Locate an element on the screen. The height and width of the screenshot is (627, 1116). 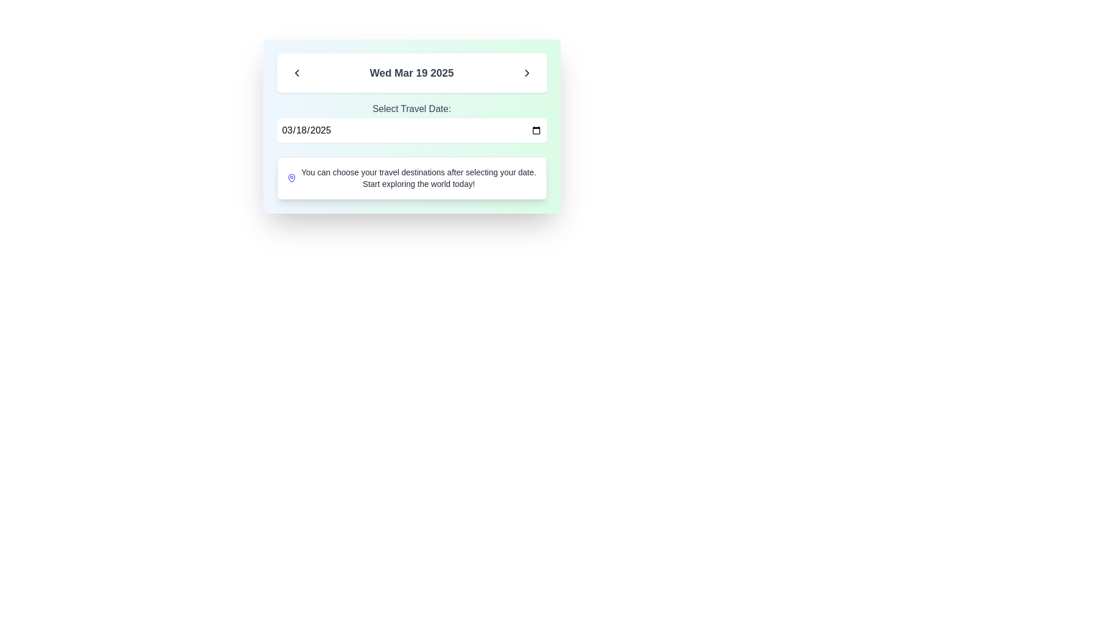
the chevron icon located in the header section of the interactive card interface is located at coordinates (296, 73).